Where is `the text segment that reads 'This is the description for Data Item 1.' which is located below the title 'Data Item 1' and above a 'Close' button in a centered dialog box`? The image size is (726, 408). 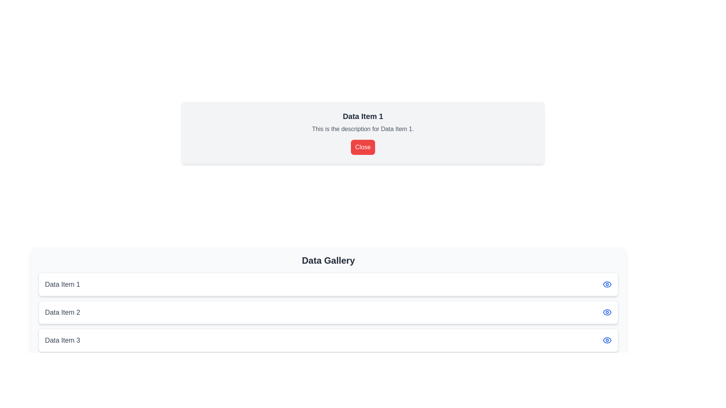 the text segment that reads 'This is the description for Data Item 1.' which is located below the title 'Data Item 1' and above a 'Close' button in a centered dialog box is located at coordinates (363, 129).